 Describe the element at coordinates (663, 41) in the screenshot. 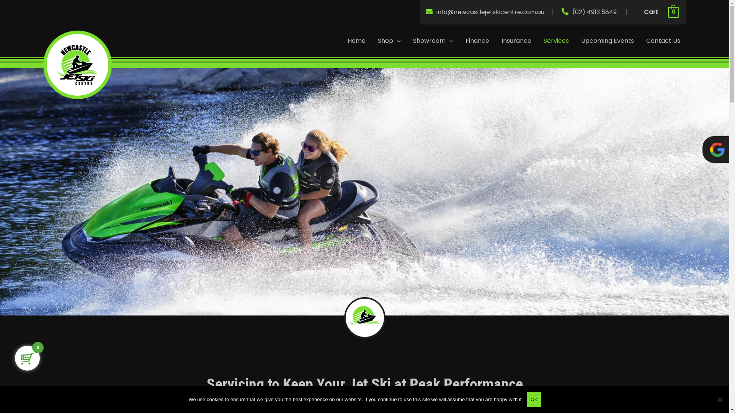

I see `'Contact Us'` at that location.